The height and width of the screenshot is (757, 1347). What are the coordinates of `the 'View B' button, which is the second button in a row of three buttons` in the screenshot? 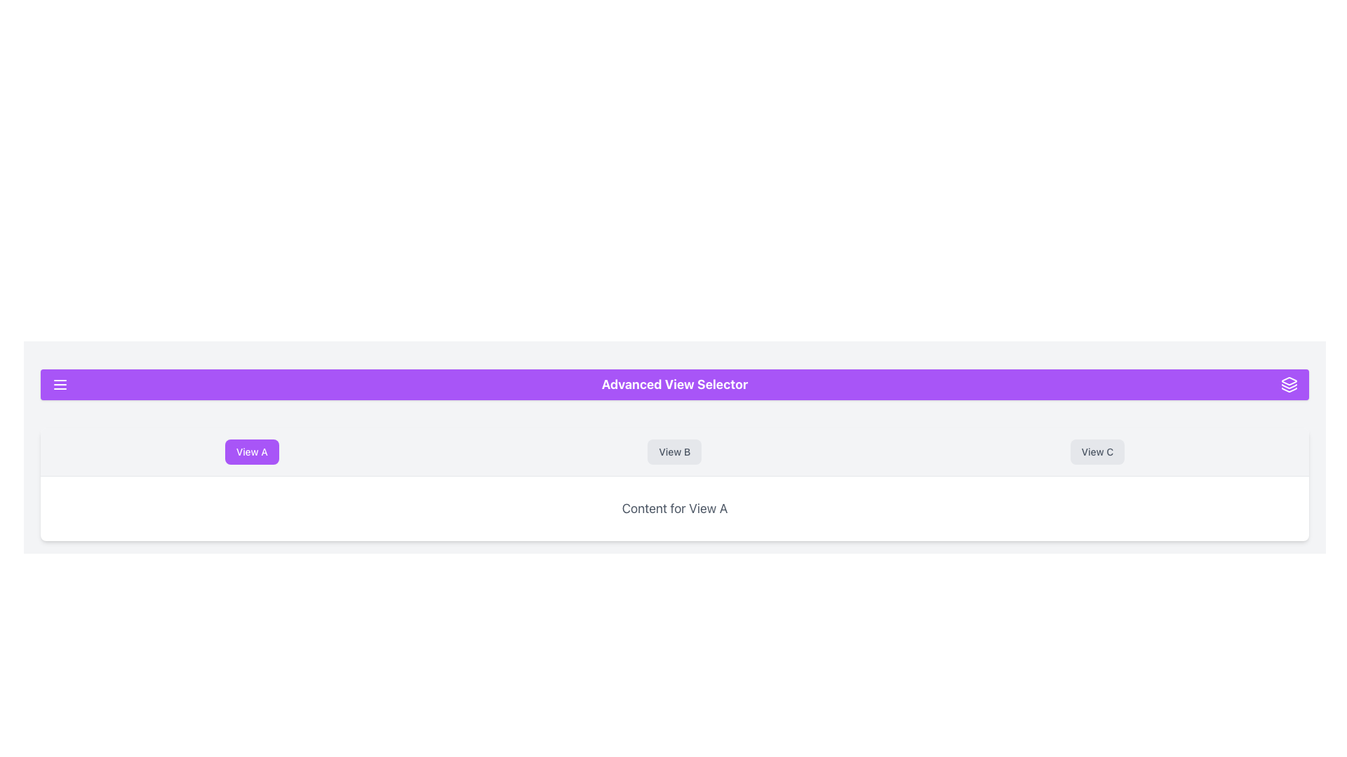 It's located at (674, 451).